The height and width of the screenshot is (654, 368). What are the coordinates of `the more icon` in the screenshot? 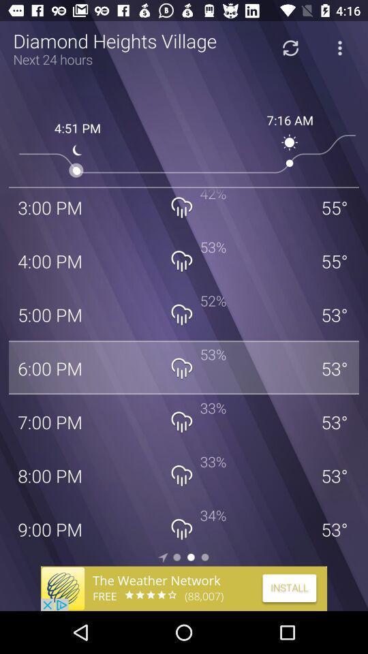 It's located at (339, 48).